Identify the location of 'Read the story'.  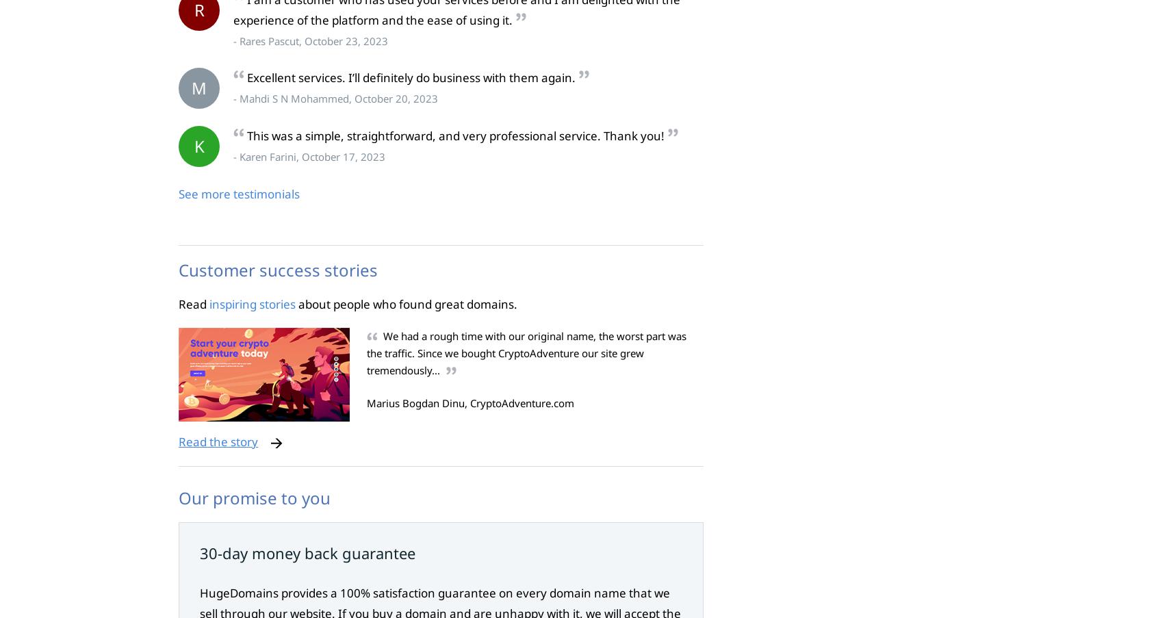
(217, 441).